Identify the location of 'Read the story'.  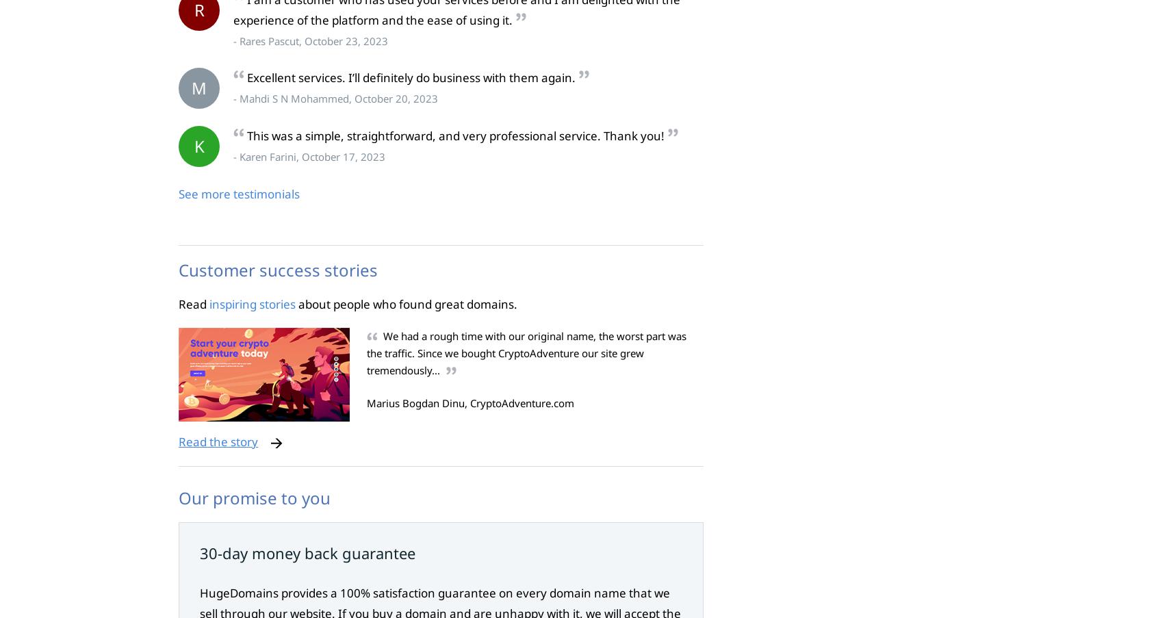
(217, 441).